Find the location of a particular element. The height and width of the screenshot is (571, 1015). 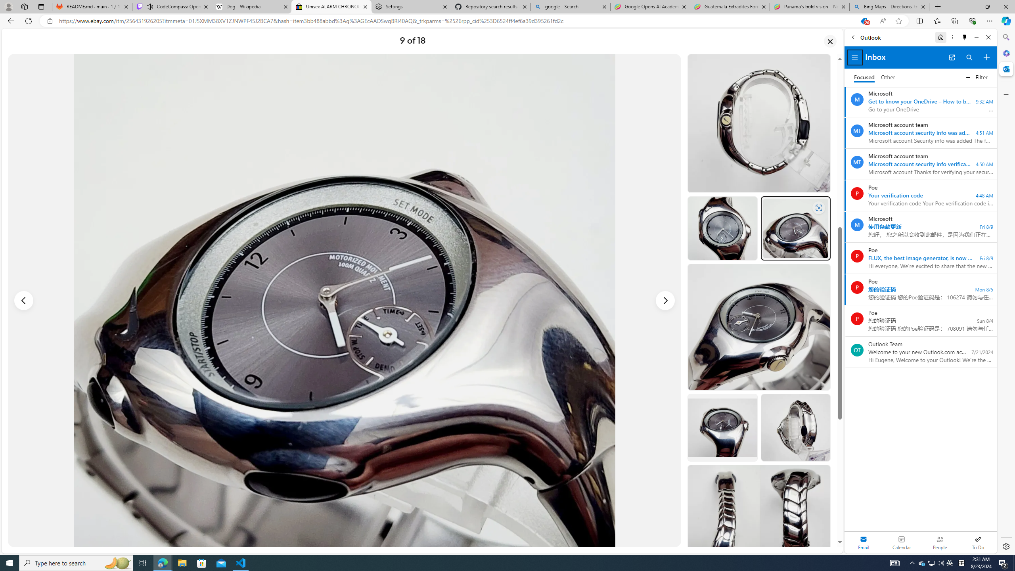

'Folder navigation' is located at coordinates (854, 57).